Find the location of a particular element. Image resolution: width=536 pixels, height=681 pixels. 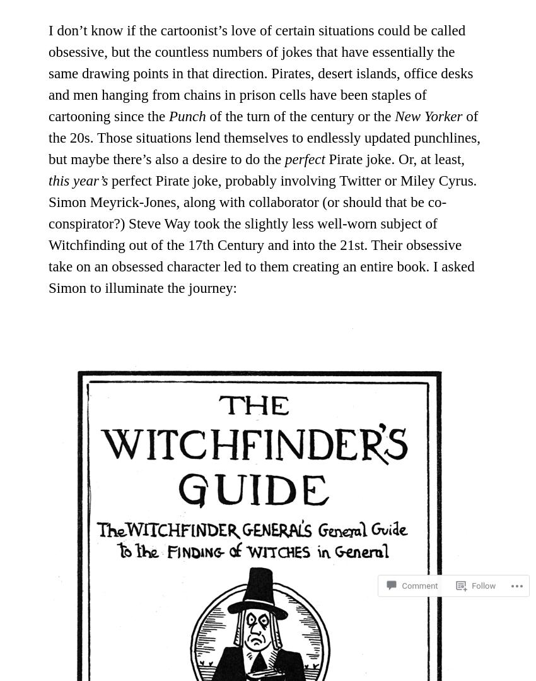

'Pirate joke. Or, at least,' is located at coordinates (394, 158).